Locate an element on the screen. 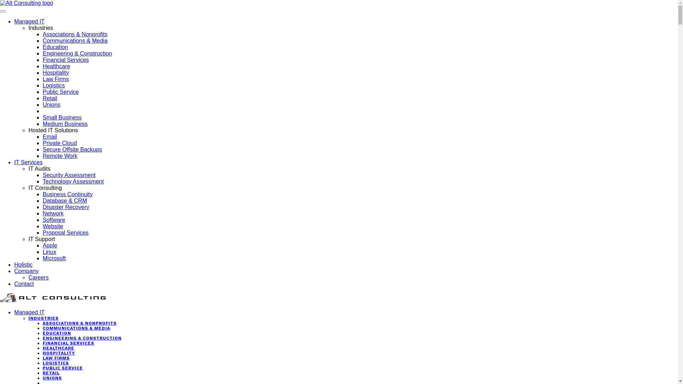  'Email' is located at coordinates (49, 137).